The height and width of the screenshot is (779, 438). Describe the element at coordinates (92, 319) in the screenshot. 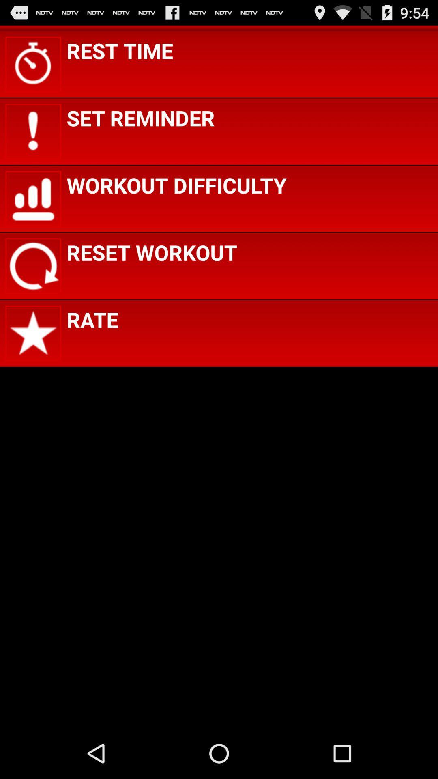

I see `rate` at that location.